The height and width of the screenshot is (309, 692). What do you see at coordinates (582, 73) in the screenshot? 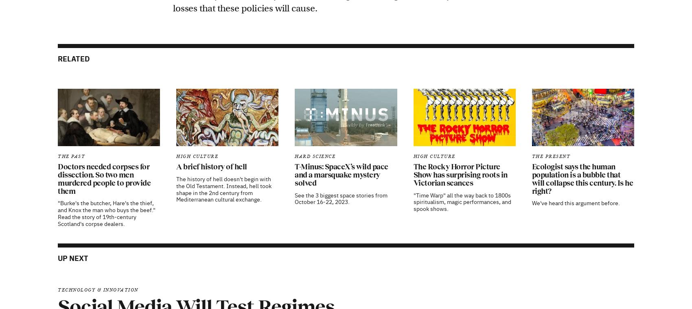
I see `'Ecologist says the human population is a bubble that will collapse this century. Is he right?'` at bounding box center [582, 73].